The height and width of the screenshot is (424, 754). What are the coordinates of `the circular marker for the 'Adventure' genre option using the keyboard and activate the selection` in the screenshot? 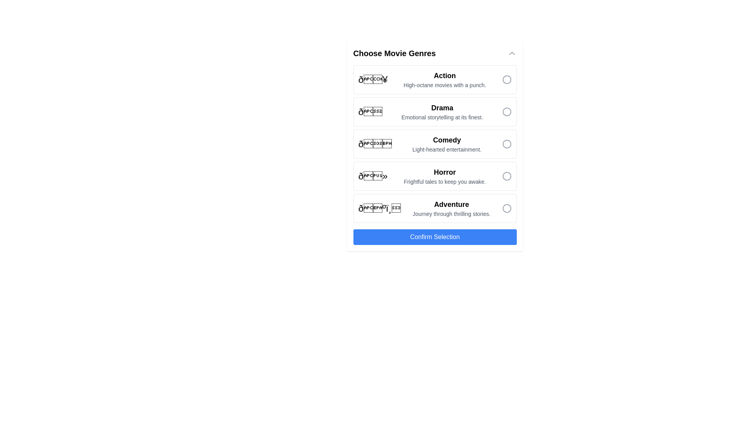 It's located at (507, 208).